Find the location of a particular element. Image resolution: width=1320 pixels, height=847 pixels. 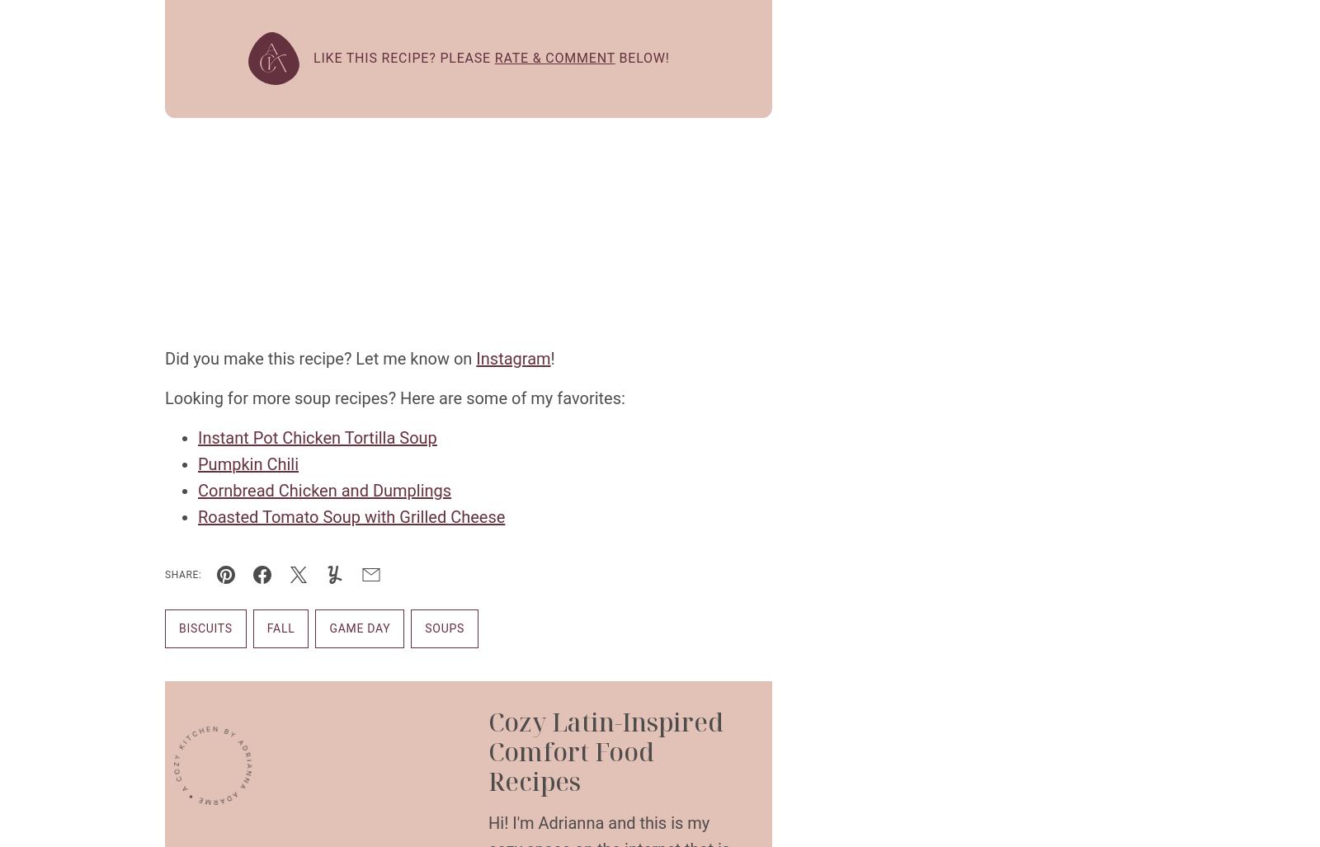

'Like this Recipe? Please' is located at coordinates (313, 57).